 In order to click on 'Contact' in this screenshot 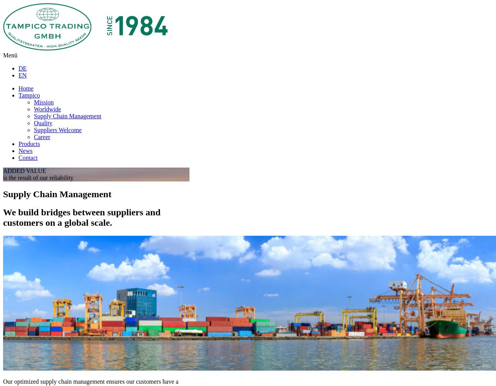, I will do `click(28, 158)`.